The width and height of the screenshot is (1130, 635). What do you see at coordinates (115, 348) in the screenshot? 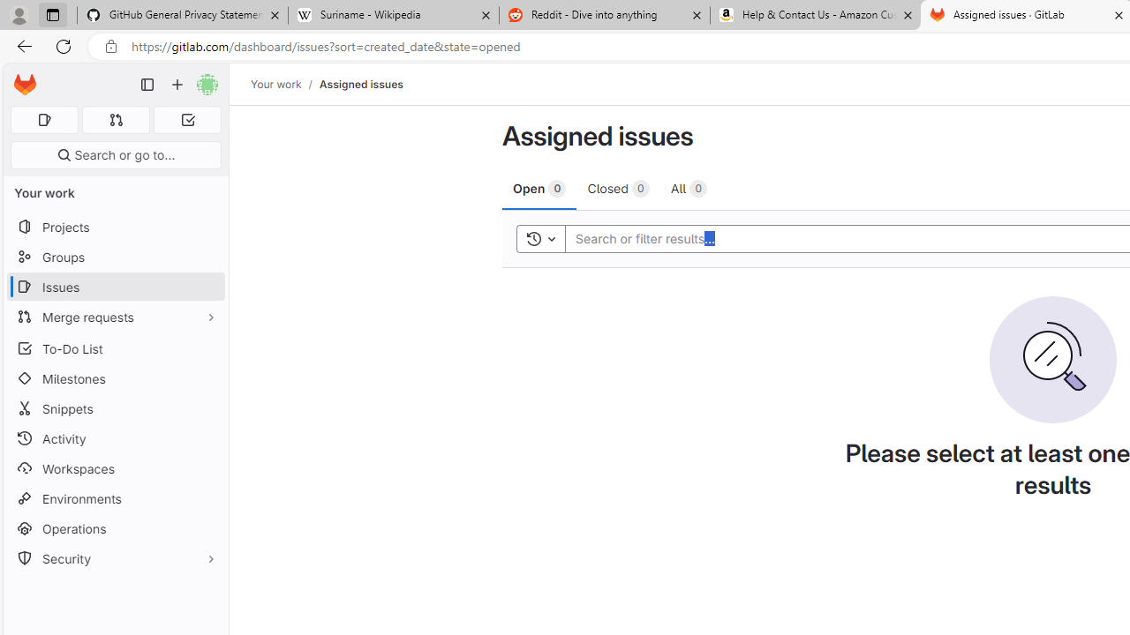
I see `'To-Do List'` at bounding box center [115, 348].